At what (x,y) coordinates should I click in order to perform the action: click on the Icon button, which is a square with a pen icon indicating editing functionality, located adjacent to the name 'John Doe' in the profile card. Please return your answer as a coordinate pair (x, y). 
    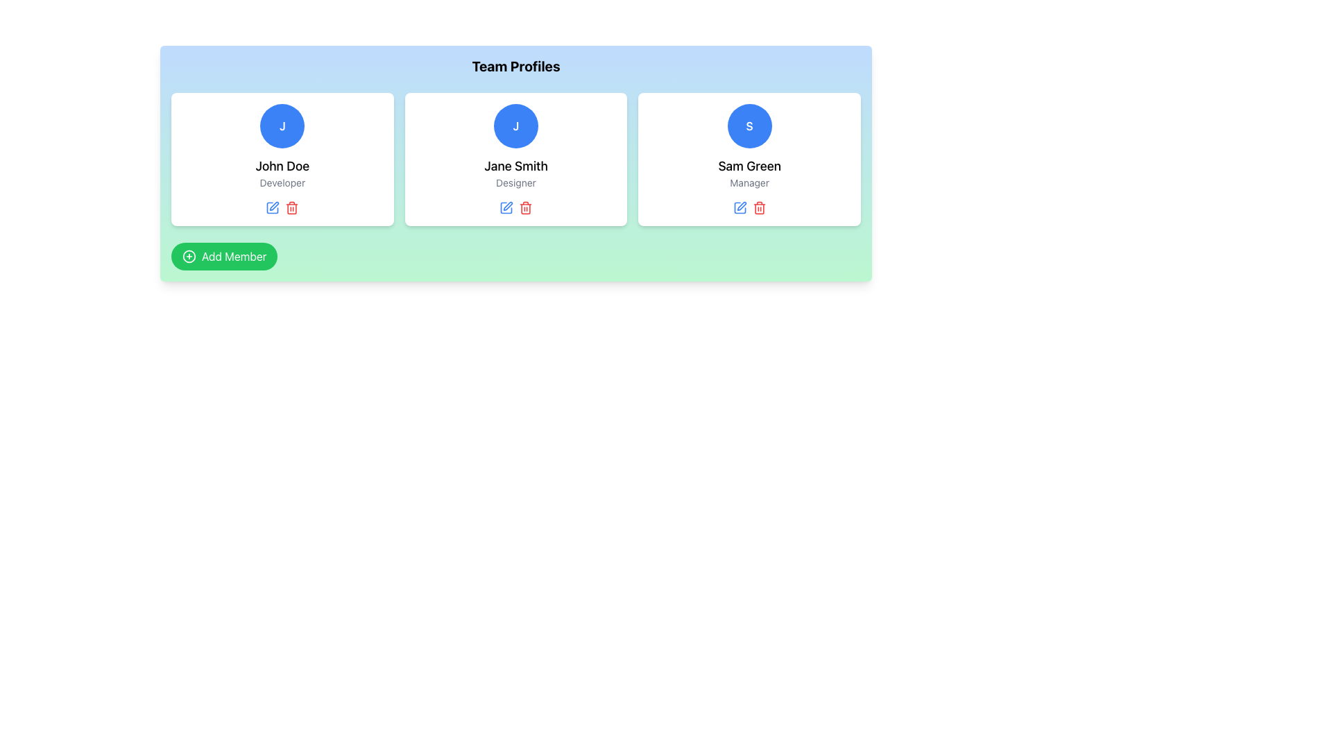
    Looking at the image, I should click on (273, 208).